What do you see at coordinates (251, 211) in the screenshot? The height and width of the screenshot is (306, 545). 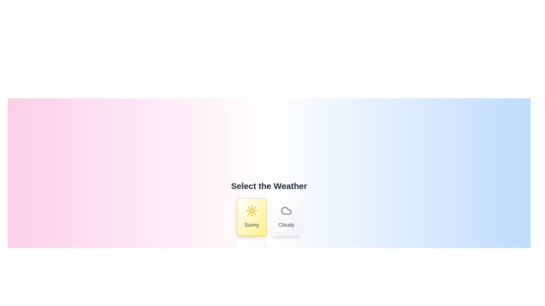 I see `the yellow circular bullseye element within the 'Sunny' weather card, which is part of the weather selection menu` at bounding box center [251, 211].